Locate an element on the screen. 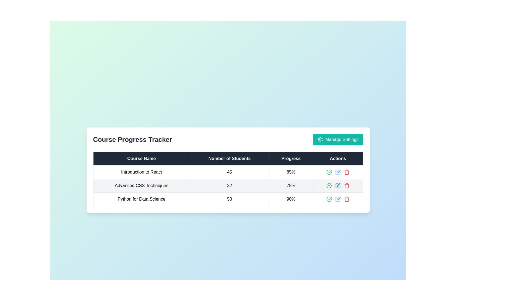  the delete button (trash icon) located in the 'Actions' column of the third row in the table is located at coordinates (346, 172).